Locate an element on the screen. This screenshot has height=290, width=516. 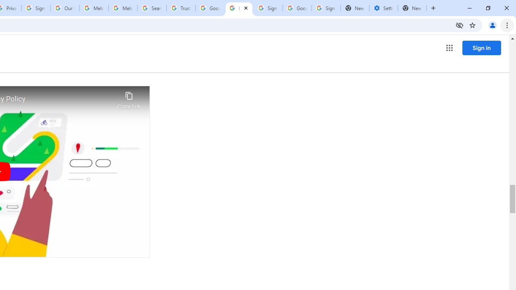
'Google Cybersecurity Innovations - Google Safety Center' is located at coordinates (297, 8).